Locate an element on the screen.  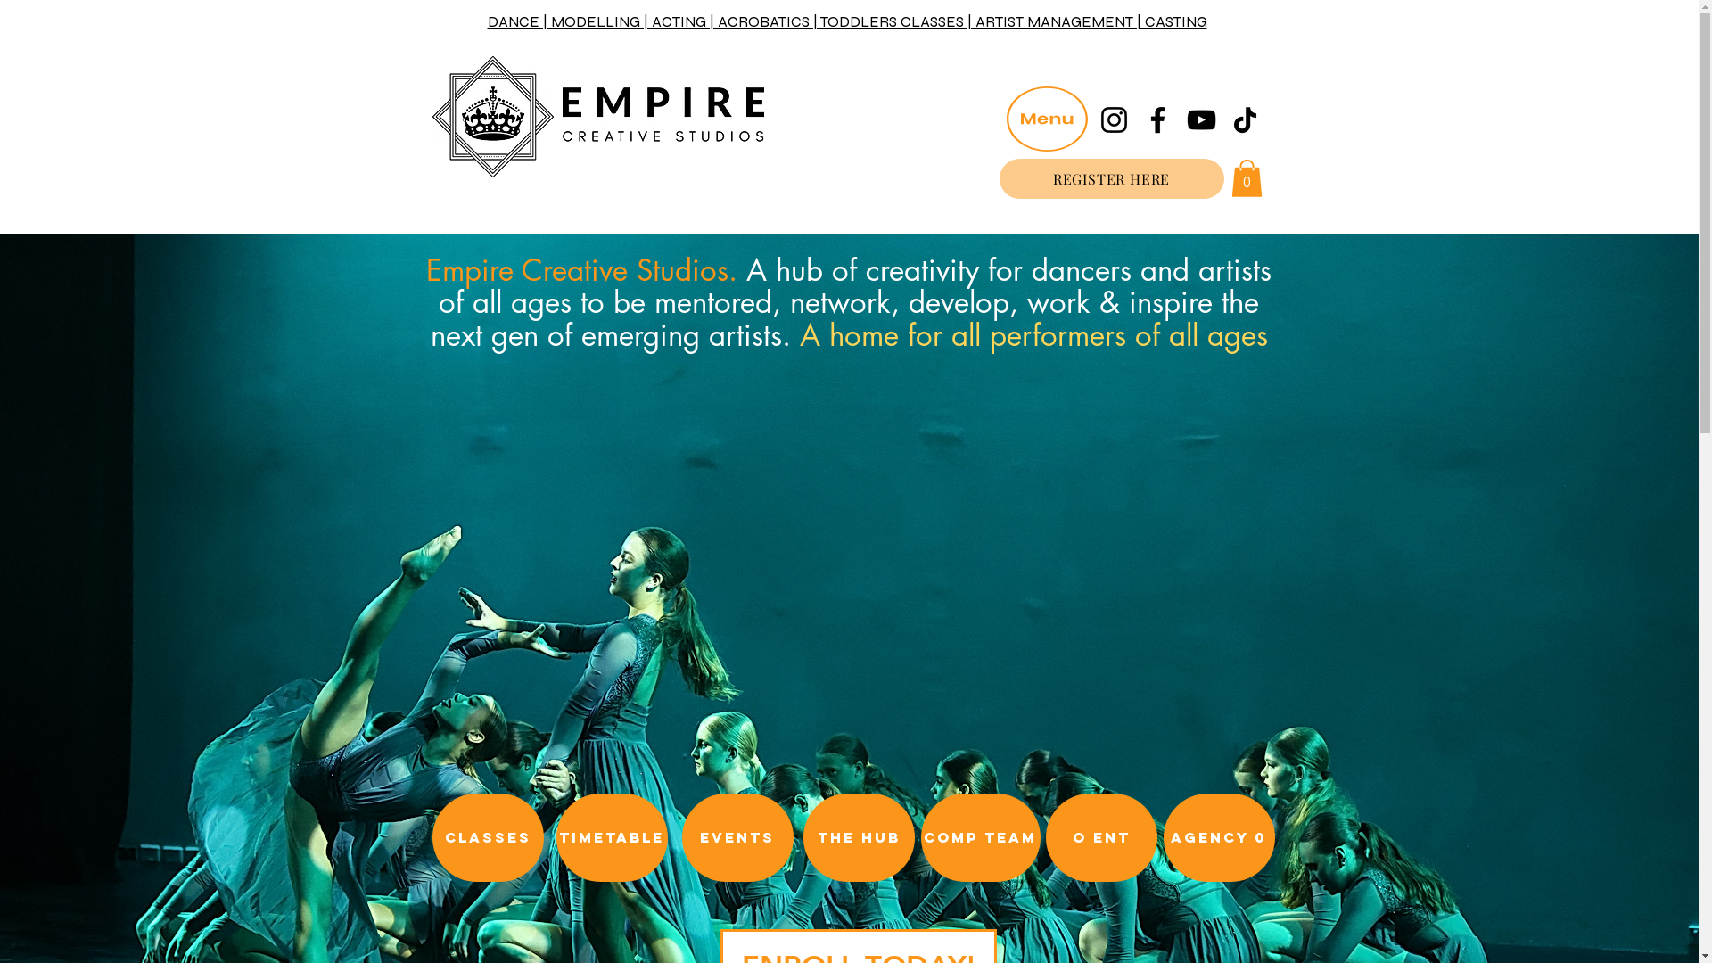
'O ENT' is located at coordinates (1099, 837).